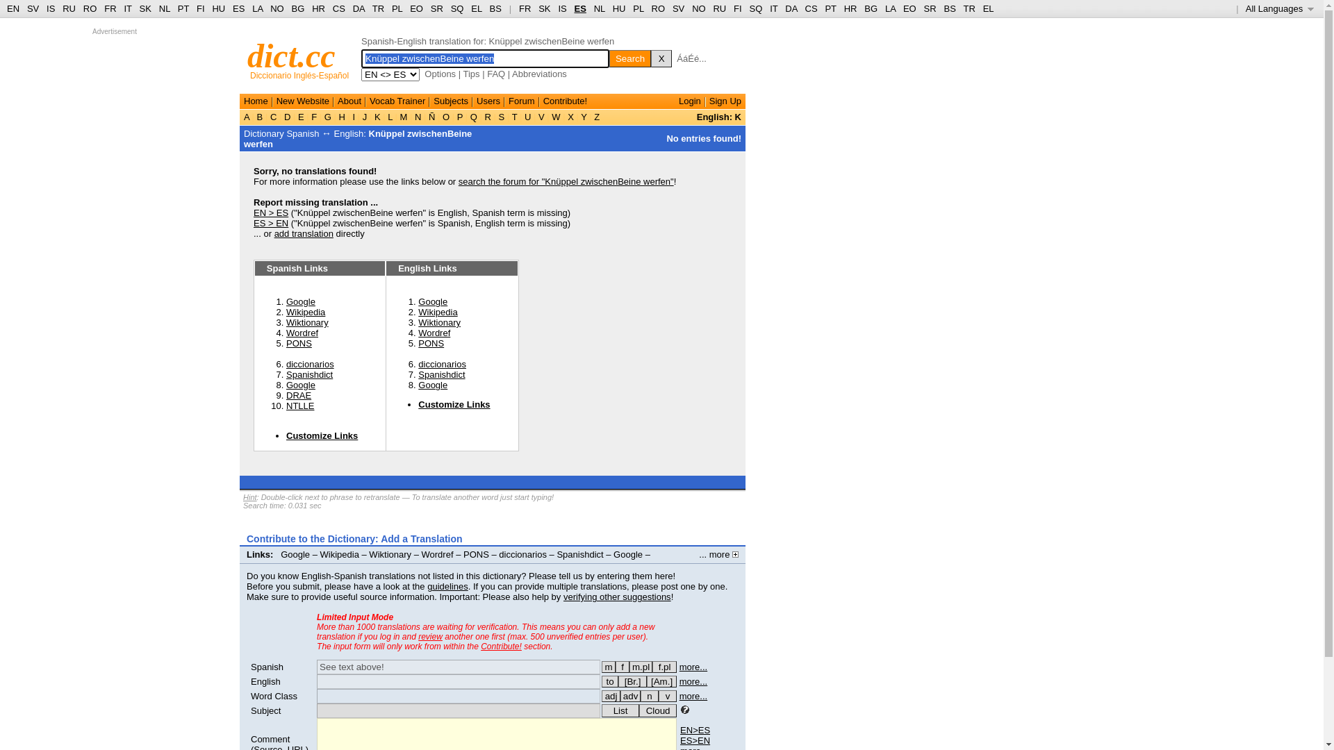 This screenshot has width=1334, height=750. I want to click on '... more', so click(718, 553).